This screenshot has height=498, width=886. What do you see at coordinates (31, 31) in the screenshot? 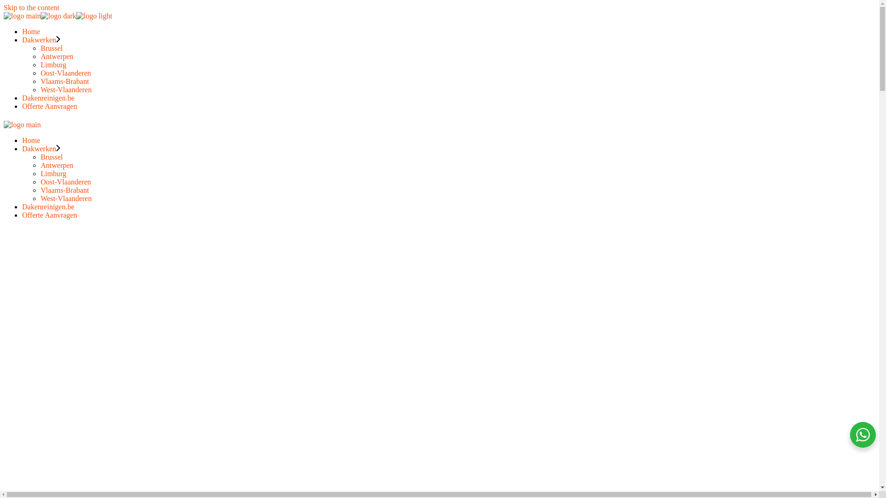
I see `'Home'` at bounding box center [31, 31].